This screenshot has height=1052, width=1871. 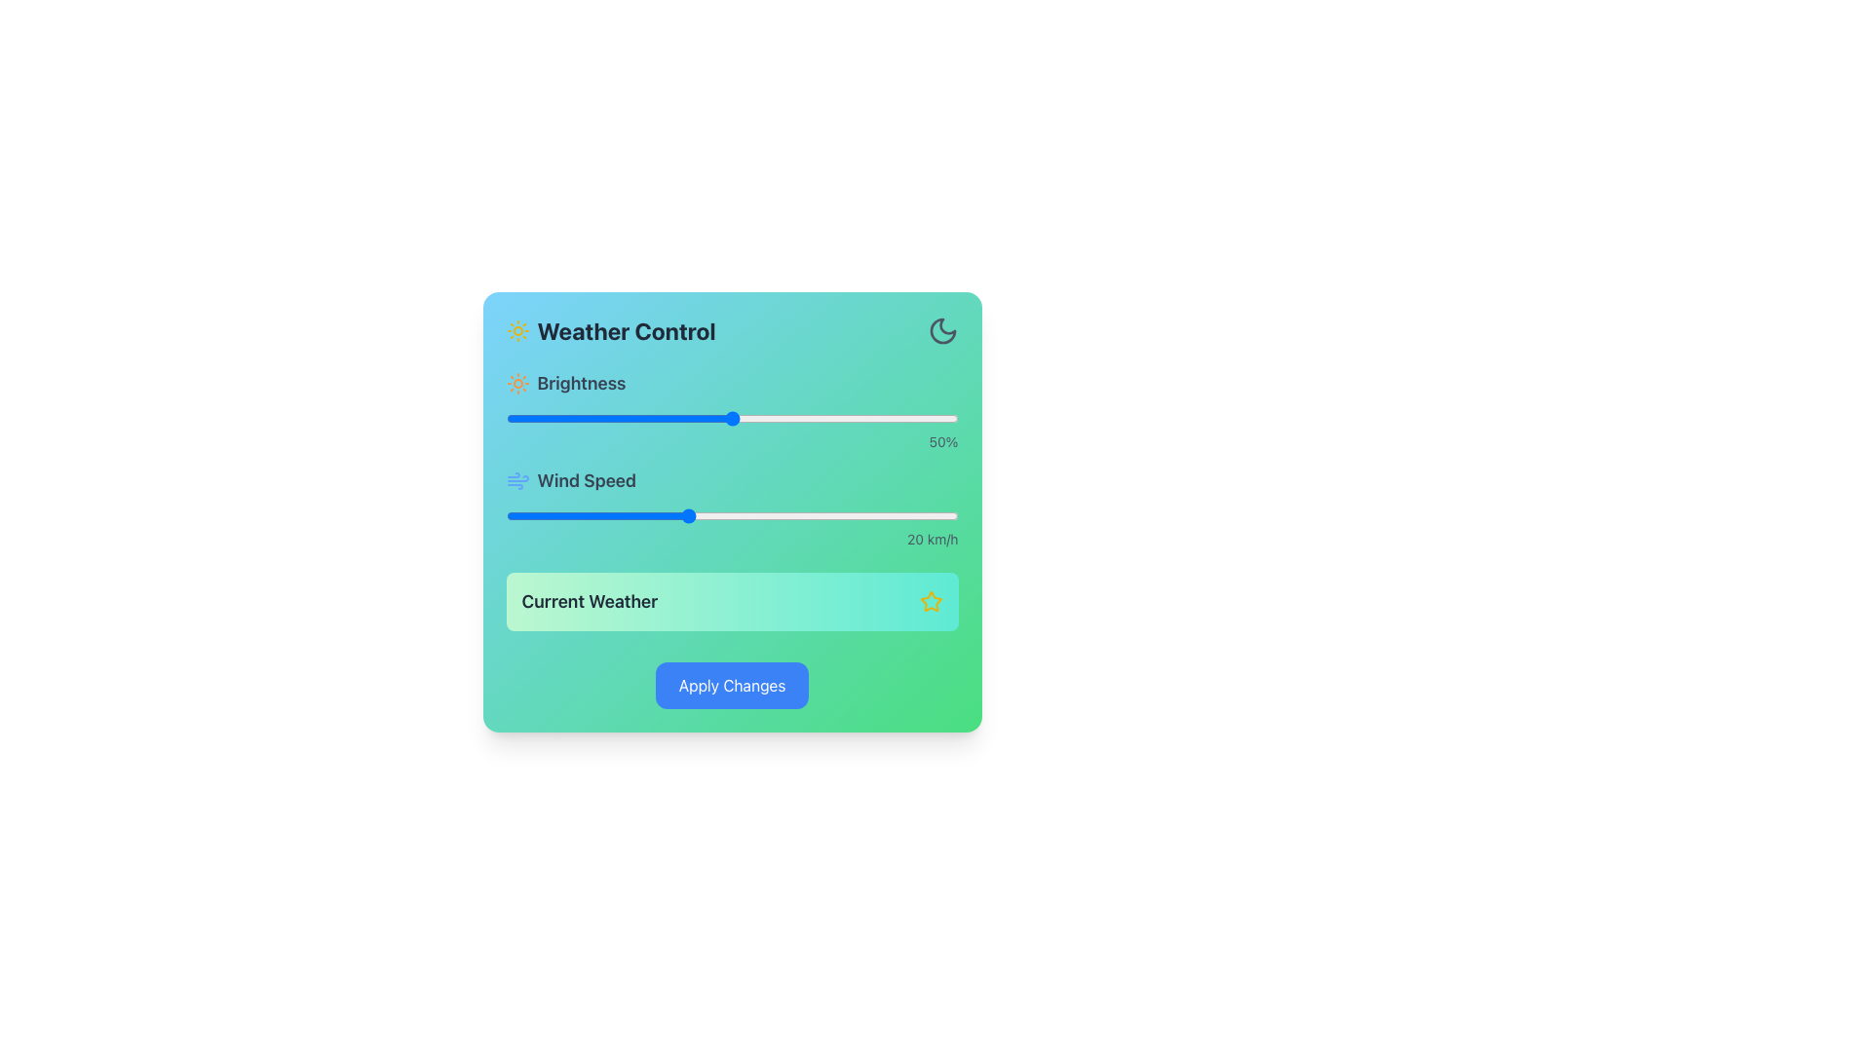 I want to click on the brightness level, so click(x=854, y=417).